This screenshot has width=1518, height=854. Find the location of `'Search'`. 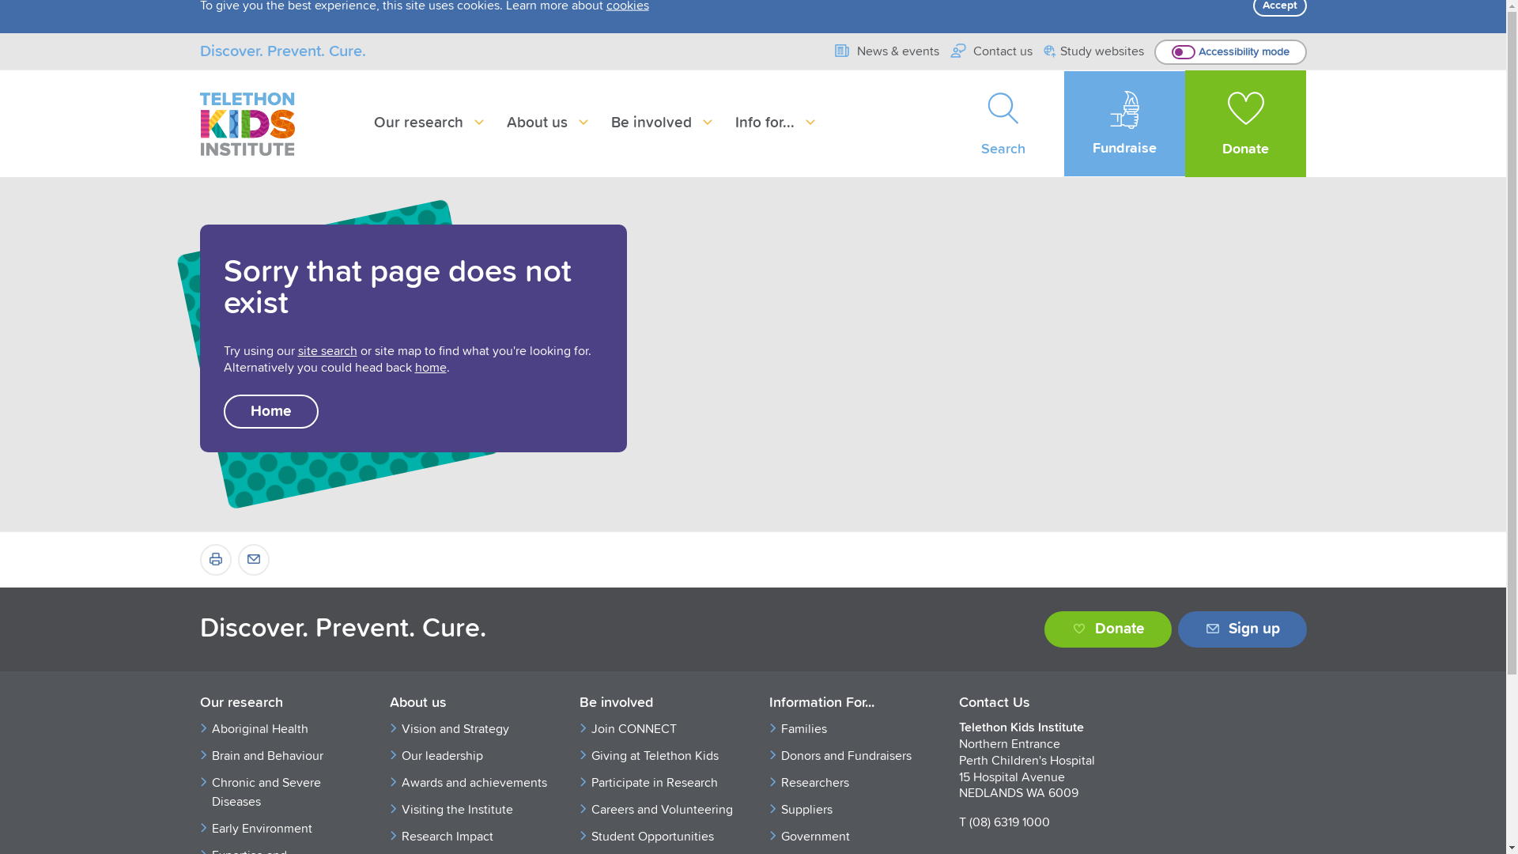

'Search' is located at coordinates (943, 123).